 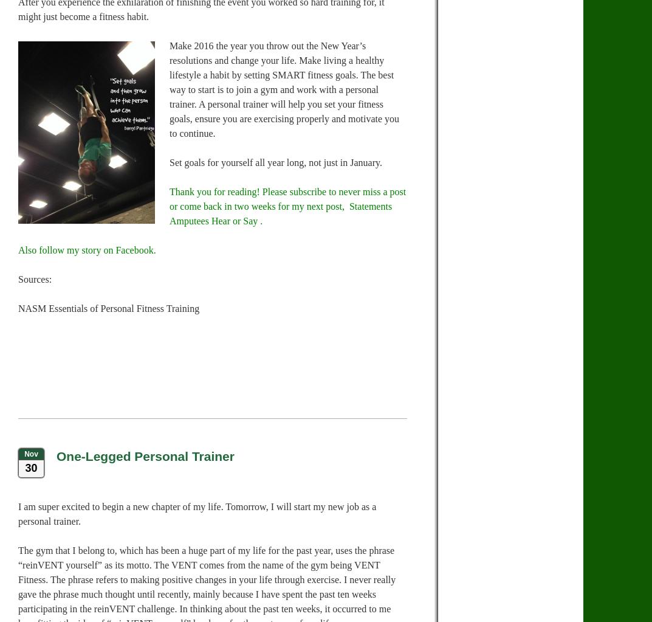 What do you see at coordinates (34, 278) in the screenshot?
I see `'Sources:'` at bounding box center [34, 278].